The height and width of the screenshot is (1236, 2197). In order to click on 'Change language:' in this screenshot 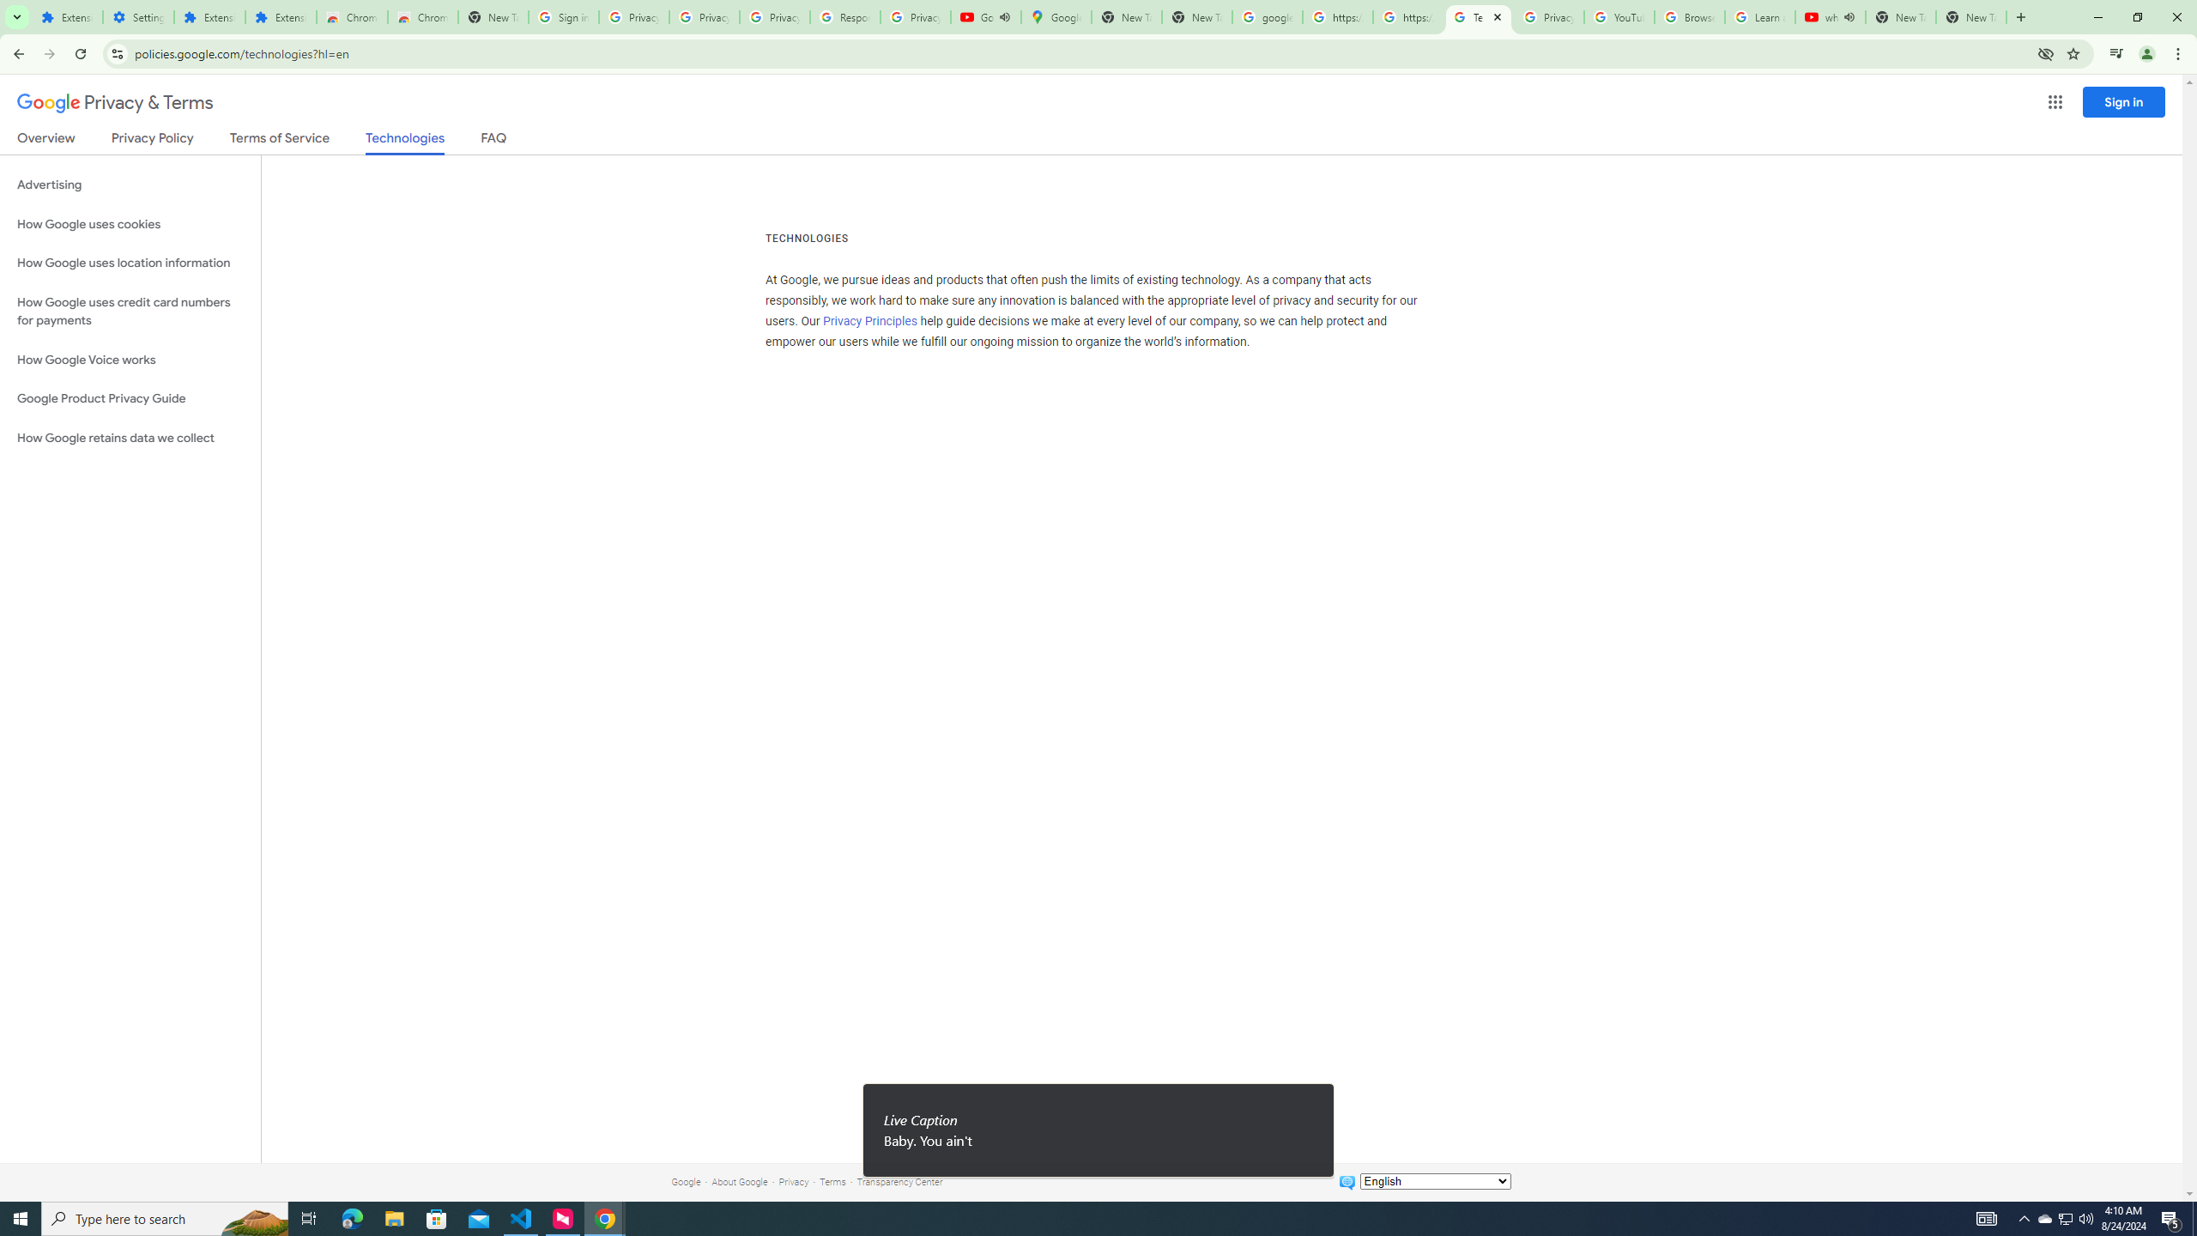, I will do `click(1434, 1179)`.